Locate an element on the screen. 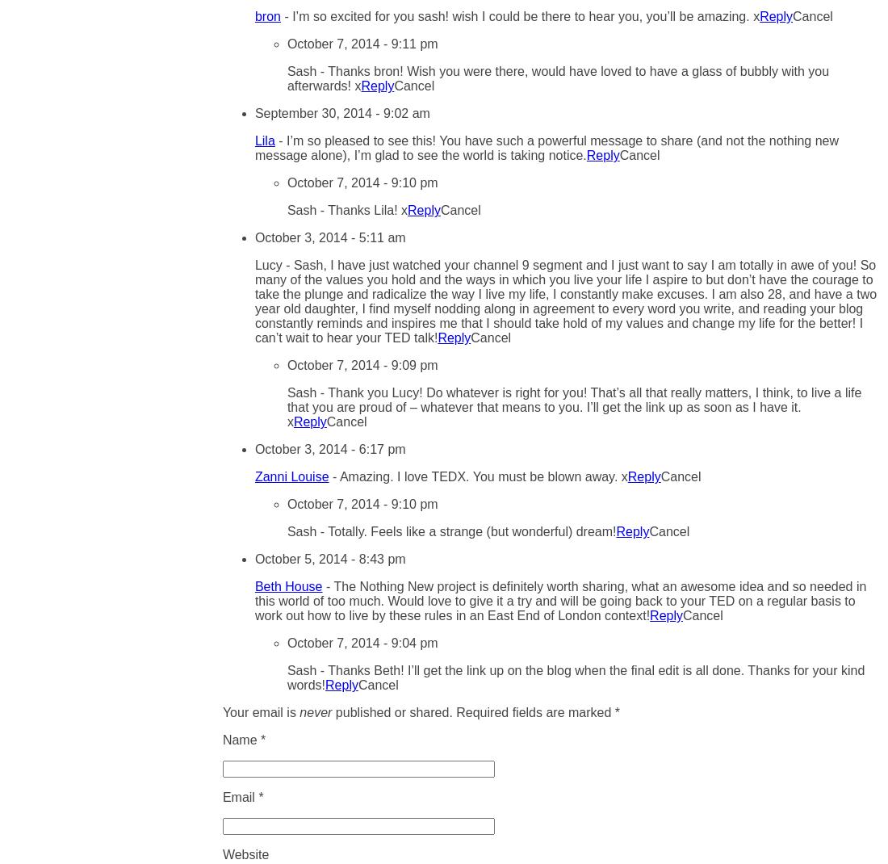  'October 7, 2014 - 9:11 pm' is located at coordinates (361, 43).